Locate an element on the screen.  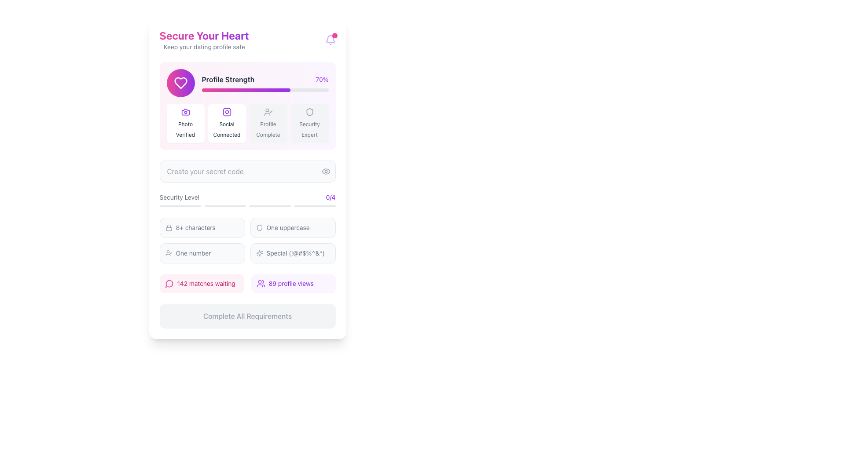
the label displaying '8+ characters' in the Security Level section, which is styled with a gray color and has a lock icon on its left side is located at coordinates (202, 227).